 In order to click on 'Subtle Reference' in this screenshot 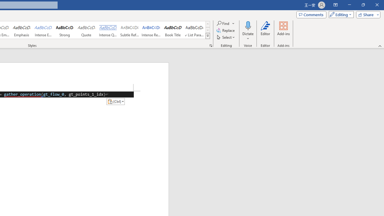, I will do `click(129, 30)`.